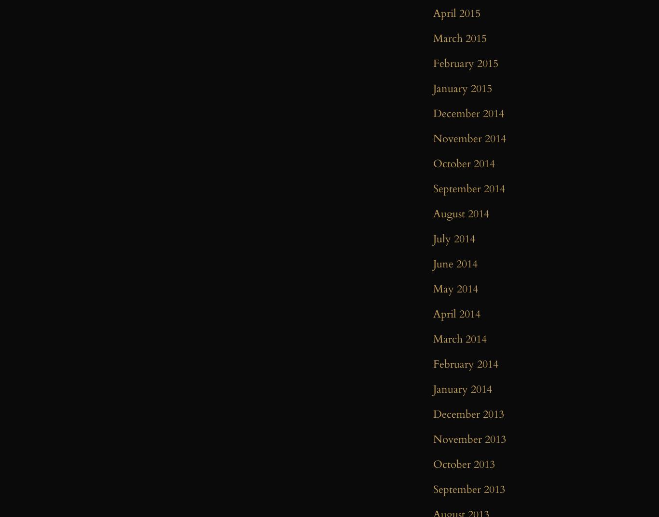 The image size is (659, 517). What do you see at coordinates (462, 89) in the screenshot?
I see `'January 2015'` at bounding box center [462, 89].